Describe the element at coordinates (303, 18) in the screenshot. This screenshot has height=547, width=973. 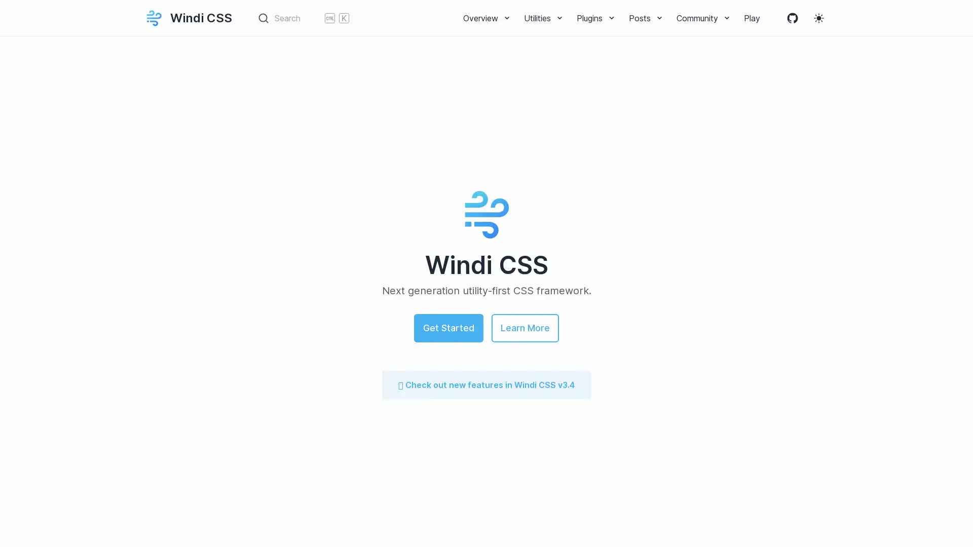
I see `Search` at that location.